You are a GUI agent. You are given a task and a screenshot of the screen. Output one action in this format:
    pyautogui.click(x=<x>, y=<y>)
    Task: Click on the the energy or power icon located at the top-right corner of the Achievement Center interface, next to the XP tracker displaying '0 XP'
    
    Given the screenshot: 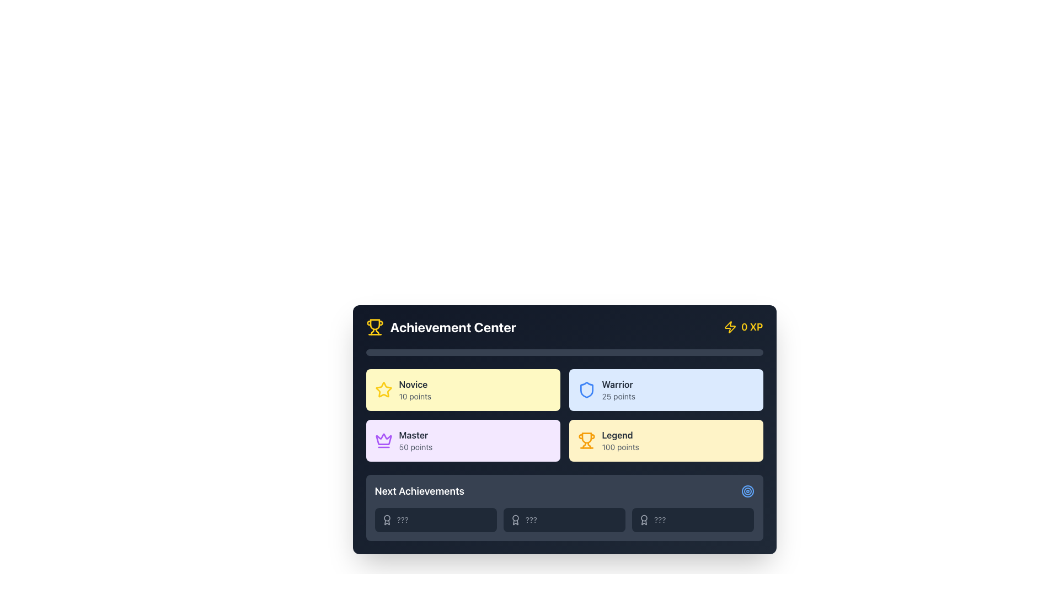 What is the action you would take?
    pyautogui.click(x=730, y=327)
    